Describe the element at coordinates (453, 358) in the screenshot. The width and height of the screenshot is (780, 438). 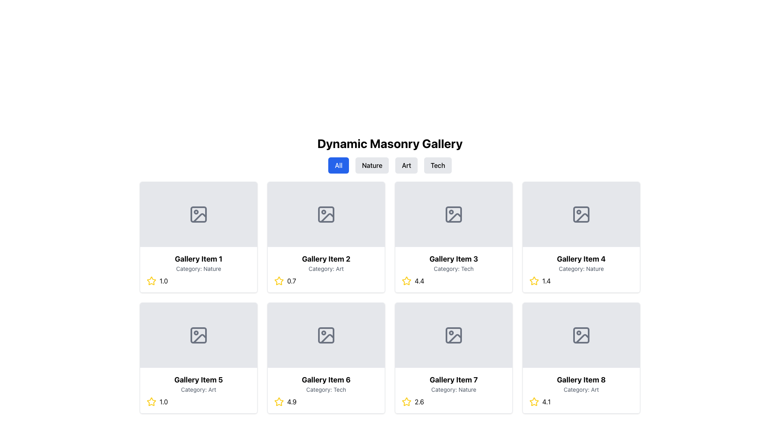
I see `to select the Gallery Item Card labeled 'Gallery Item 7', which is the seventh item in the gallery grid located in the second row and third column` at that location.